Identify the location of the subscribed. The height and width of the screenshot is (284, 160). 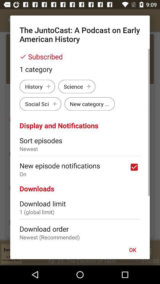
(80, 57).